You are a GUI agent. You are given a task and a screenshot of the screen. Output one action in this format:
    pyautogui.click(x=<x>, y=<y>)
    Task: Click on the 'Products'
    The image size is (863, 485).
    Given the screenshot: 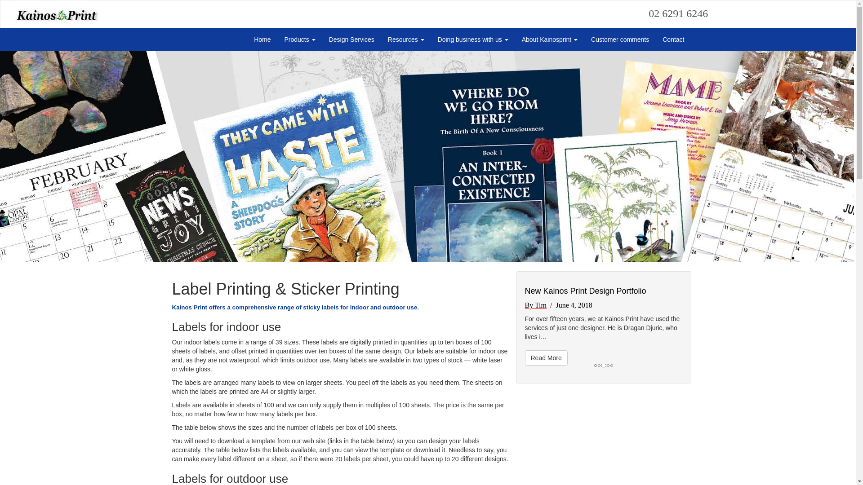 What is the action you would take?
    pyautogui.click(x=300, y=39)
    